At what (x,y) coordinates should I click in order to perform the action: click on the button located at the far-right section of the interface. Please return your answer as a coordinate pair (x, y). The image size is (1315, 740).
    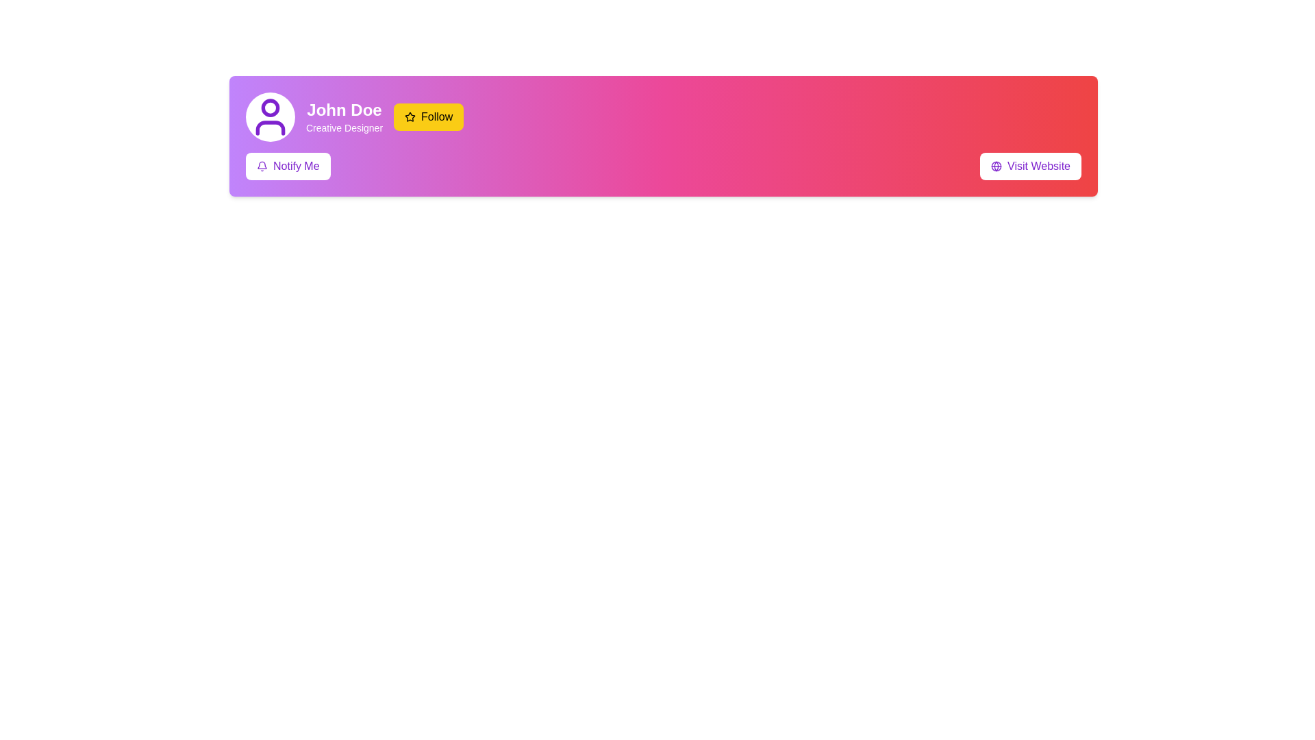
    Looking at the image, I should click on (1031, 166).